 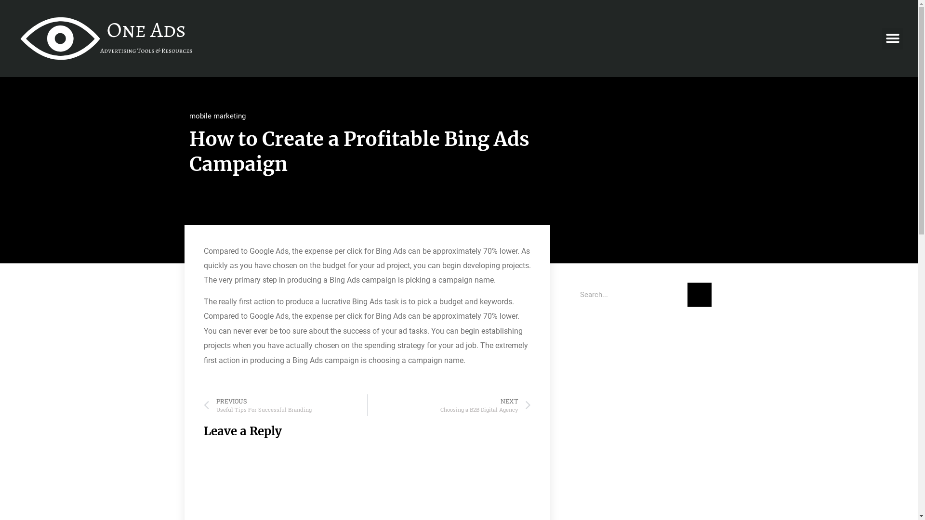 What do you see at coordinates (284, 405) in the screenshot?
I see `'PREVIOUS` at bounding box center [284, 405].